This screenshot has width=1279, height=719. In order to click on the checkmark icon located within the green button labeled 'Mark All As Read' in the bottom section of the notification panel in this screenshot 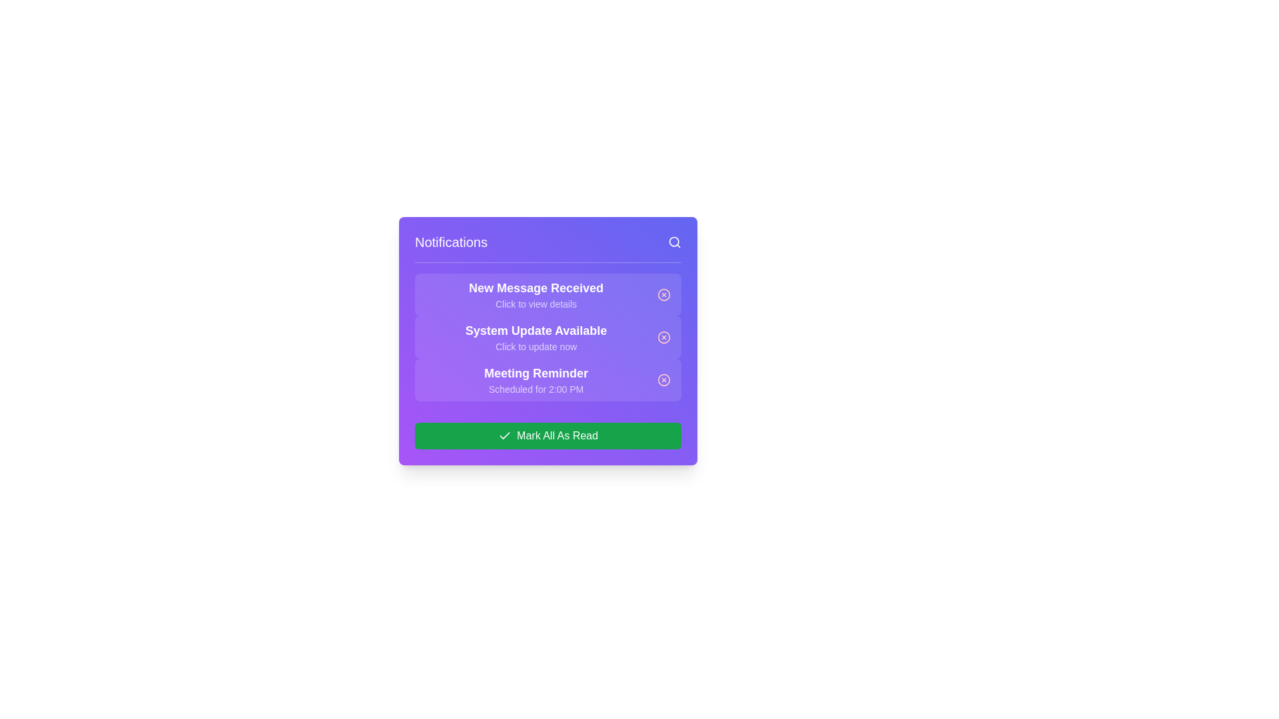, I will do `click(504, 436)`.